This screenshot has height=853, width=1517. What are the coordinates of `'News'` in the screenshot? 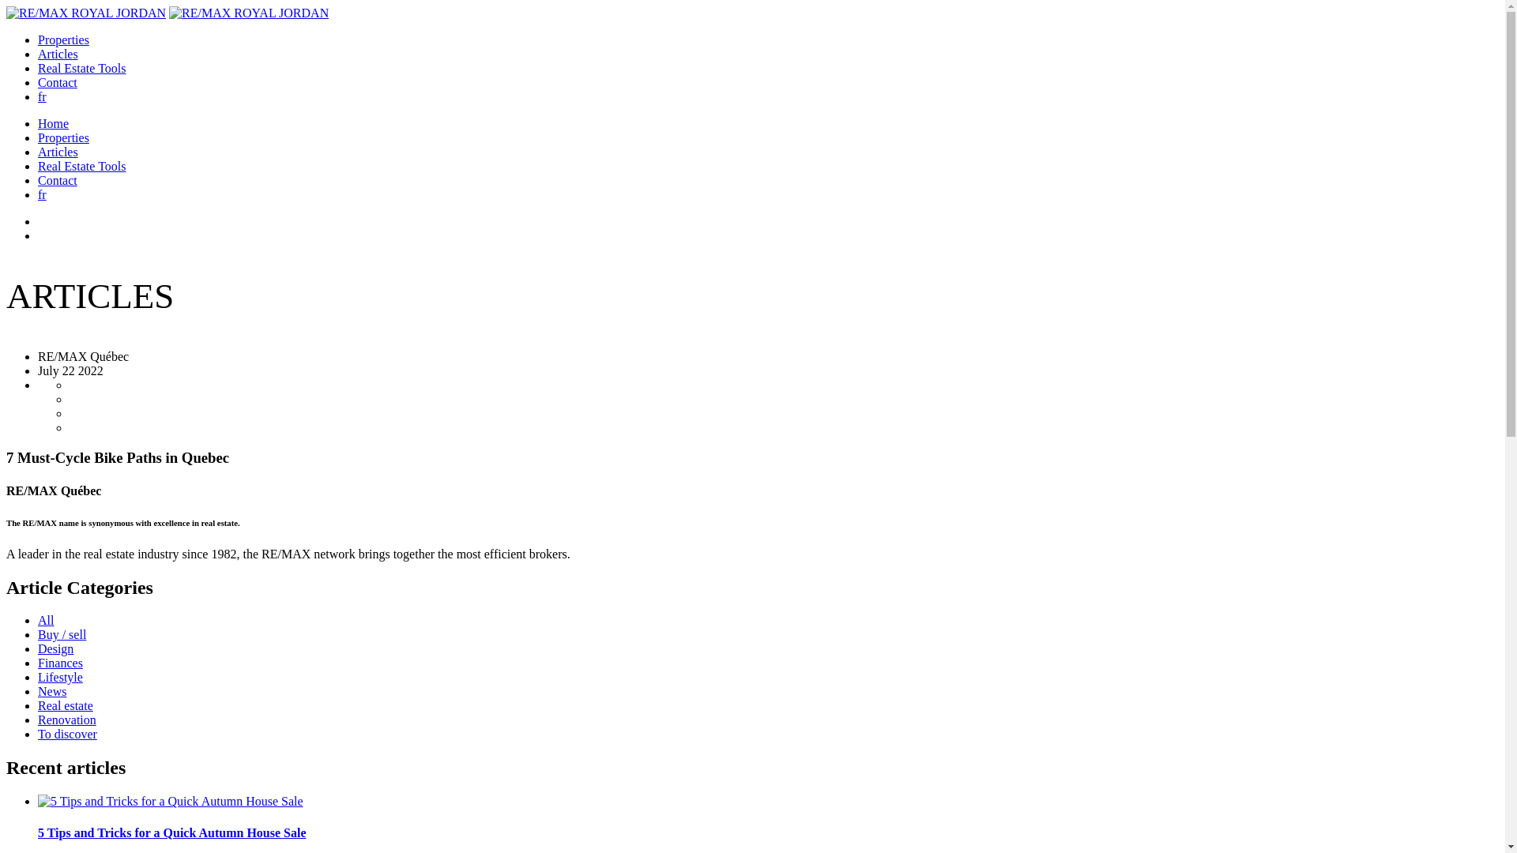 It's located at (38, 690).